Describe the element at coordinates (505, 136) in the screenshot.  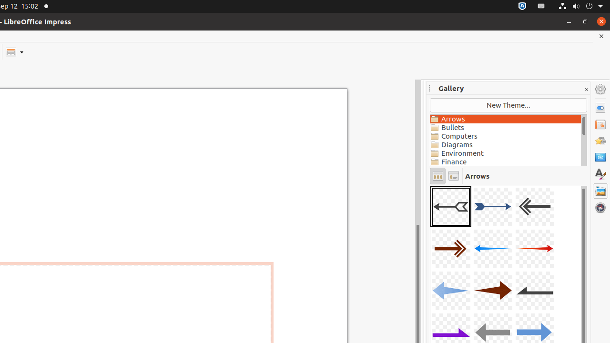
I see `'Computers'` at that location.